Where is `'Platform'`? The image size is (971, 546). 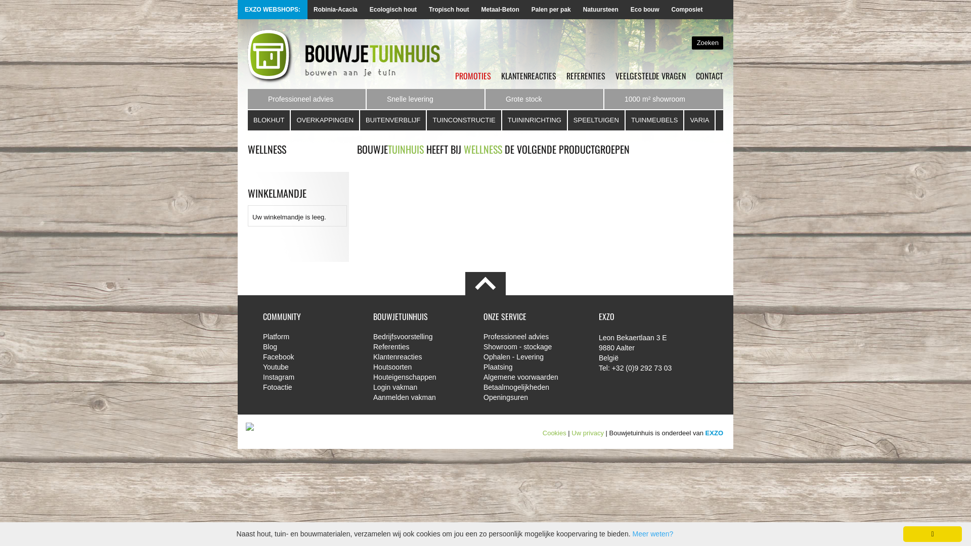
'Platform' is located at coordinates (262, 337).